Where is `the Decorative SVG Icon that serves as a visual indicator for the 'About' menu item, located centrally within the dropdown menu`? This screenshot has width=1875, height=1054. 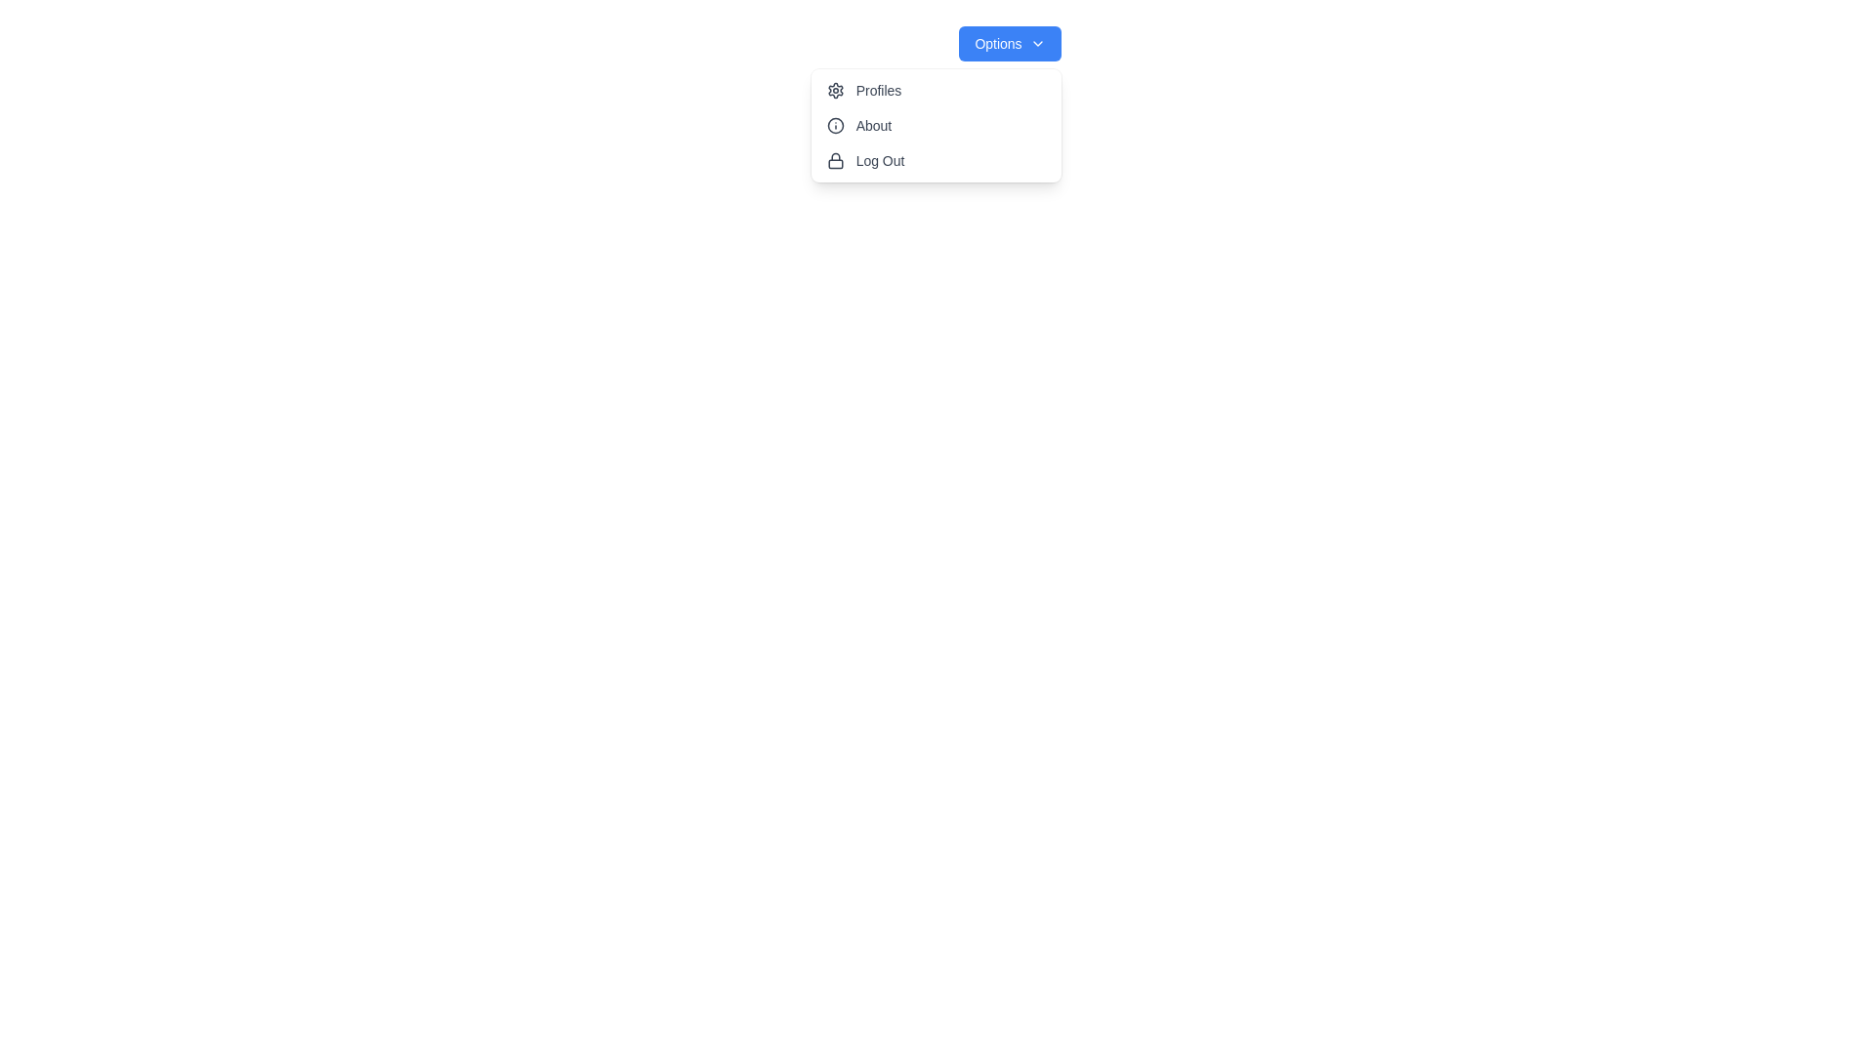
the Decorative SVG Icon that serves as a visual indicator for the 'About' menu item, located centrally within the dropdown menu is located at coordinates (835, 125).